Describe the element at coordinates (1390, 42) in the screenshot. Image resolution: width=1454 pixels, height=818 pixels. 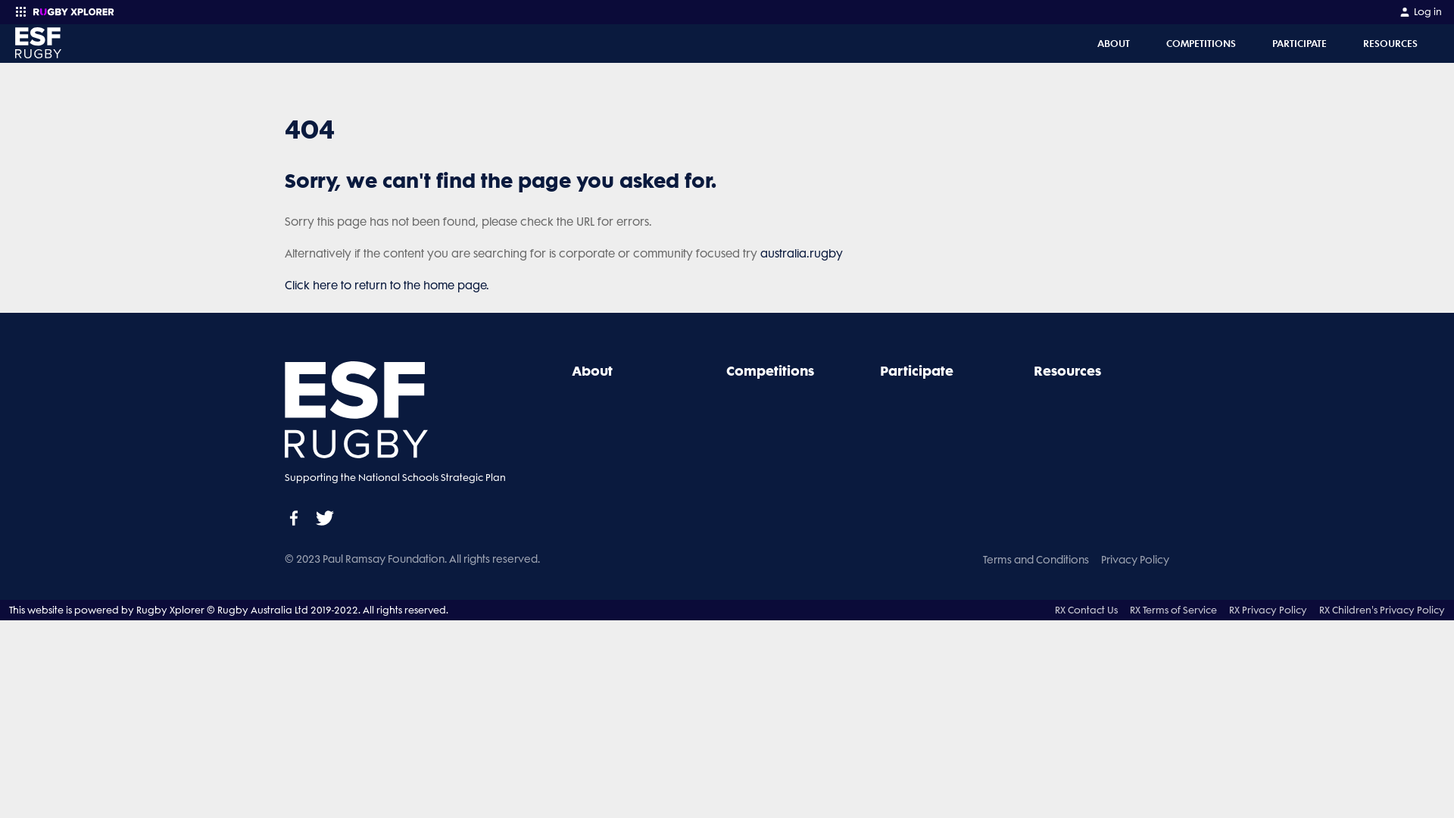
I see `'RESOURCES'` at that location.